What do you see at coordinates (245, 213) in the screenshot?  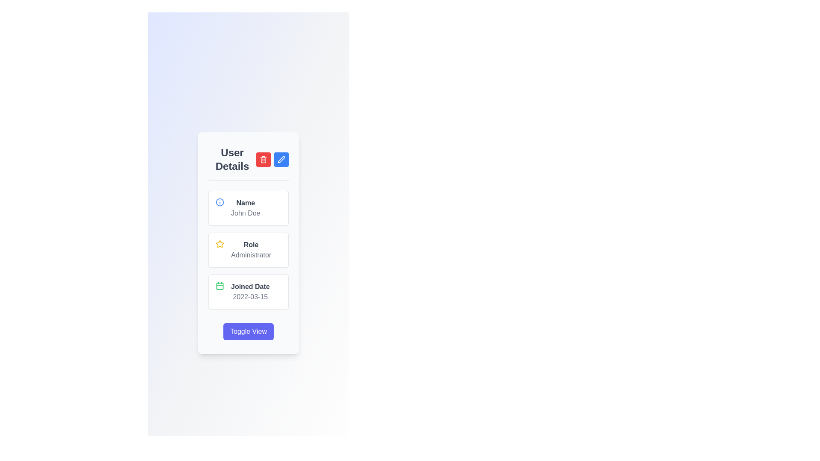 I see `the text display element showing 'John Doe', which is positioned below the 'Name' label within a small information card` at bounding box center [245, 213].